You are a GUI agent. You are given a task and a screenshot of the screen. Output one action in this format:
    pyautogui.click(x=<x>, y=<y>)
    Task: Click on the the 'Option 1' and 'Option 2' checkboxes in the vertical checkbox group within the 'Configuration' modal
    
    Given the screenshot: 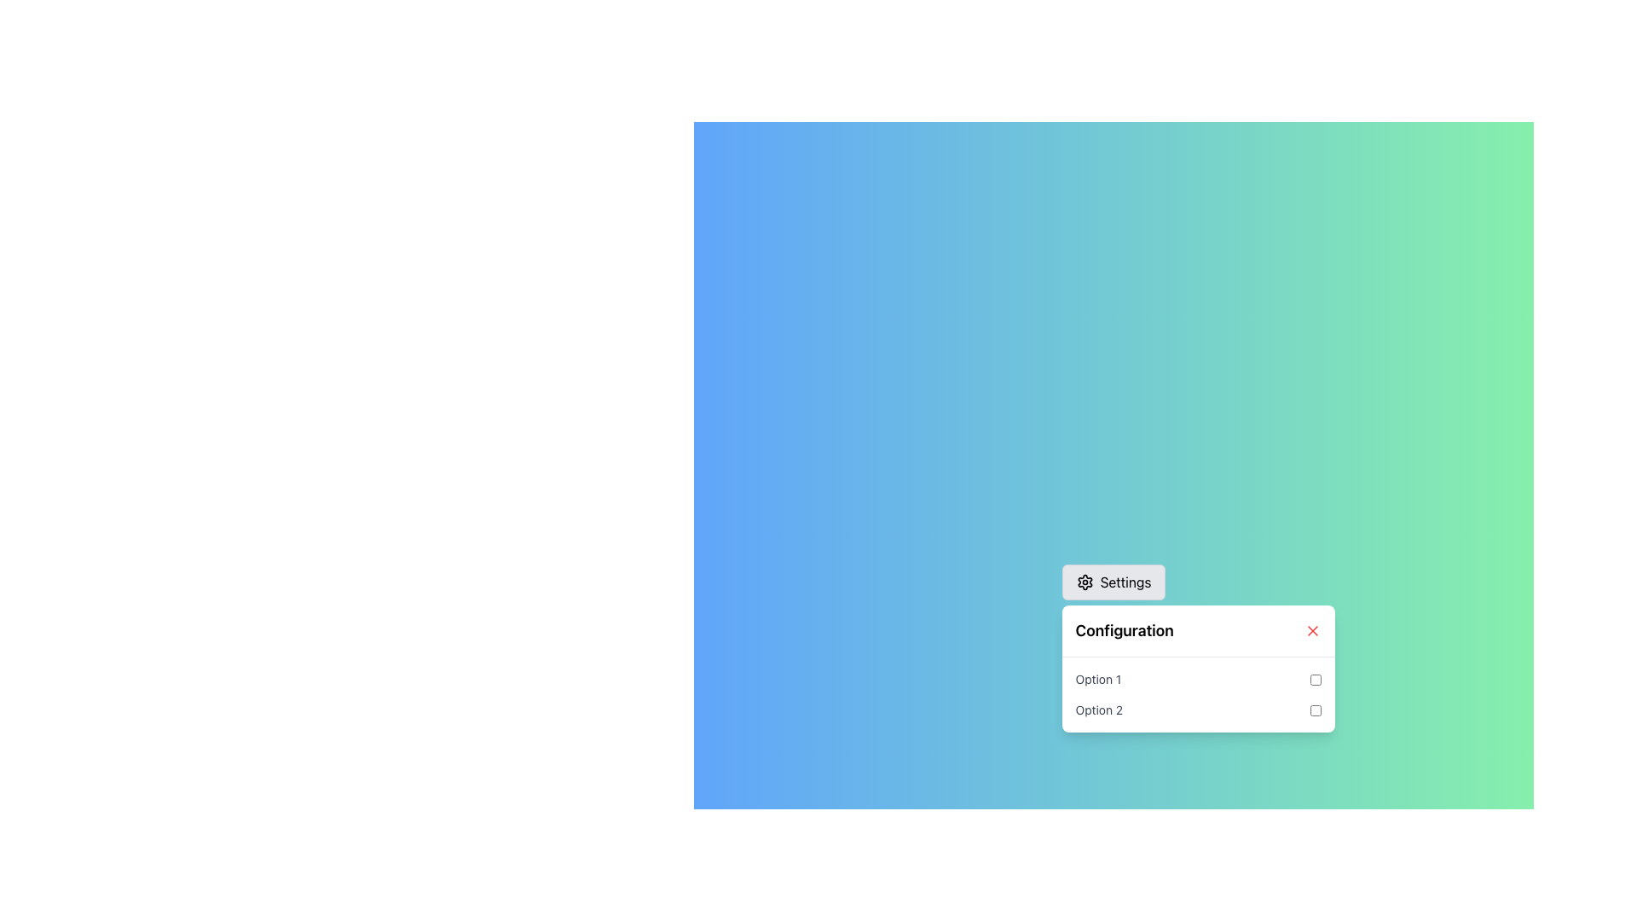 What is the action you would take?
    pyautogui.click(x=1197, y=694)
    